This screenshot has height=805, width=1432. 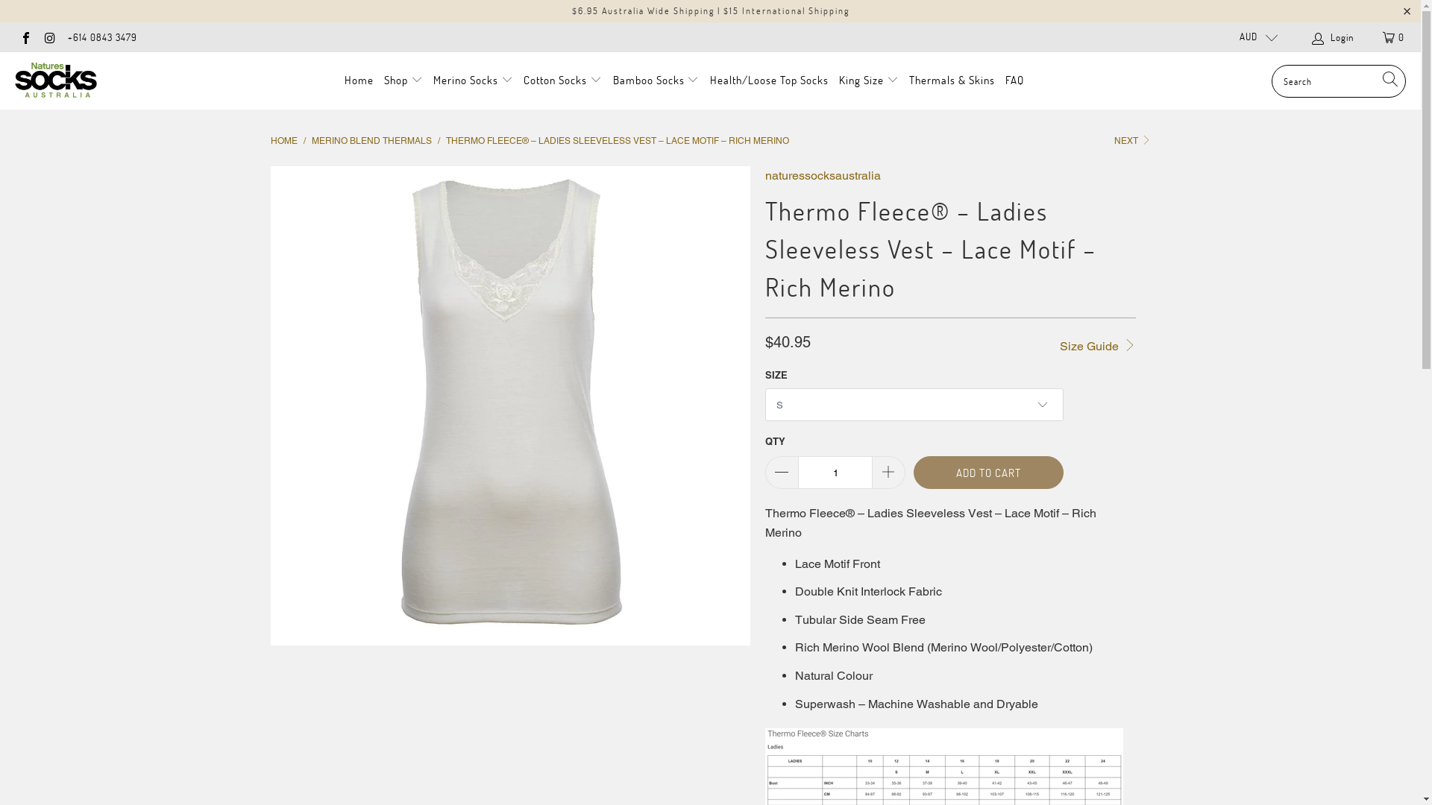 What do you see at coordinates (1132, 141) in the screenshot?
I see `'NEXT'` at bounding box center [1132, 141].